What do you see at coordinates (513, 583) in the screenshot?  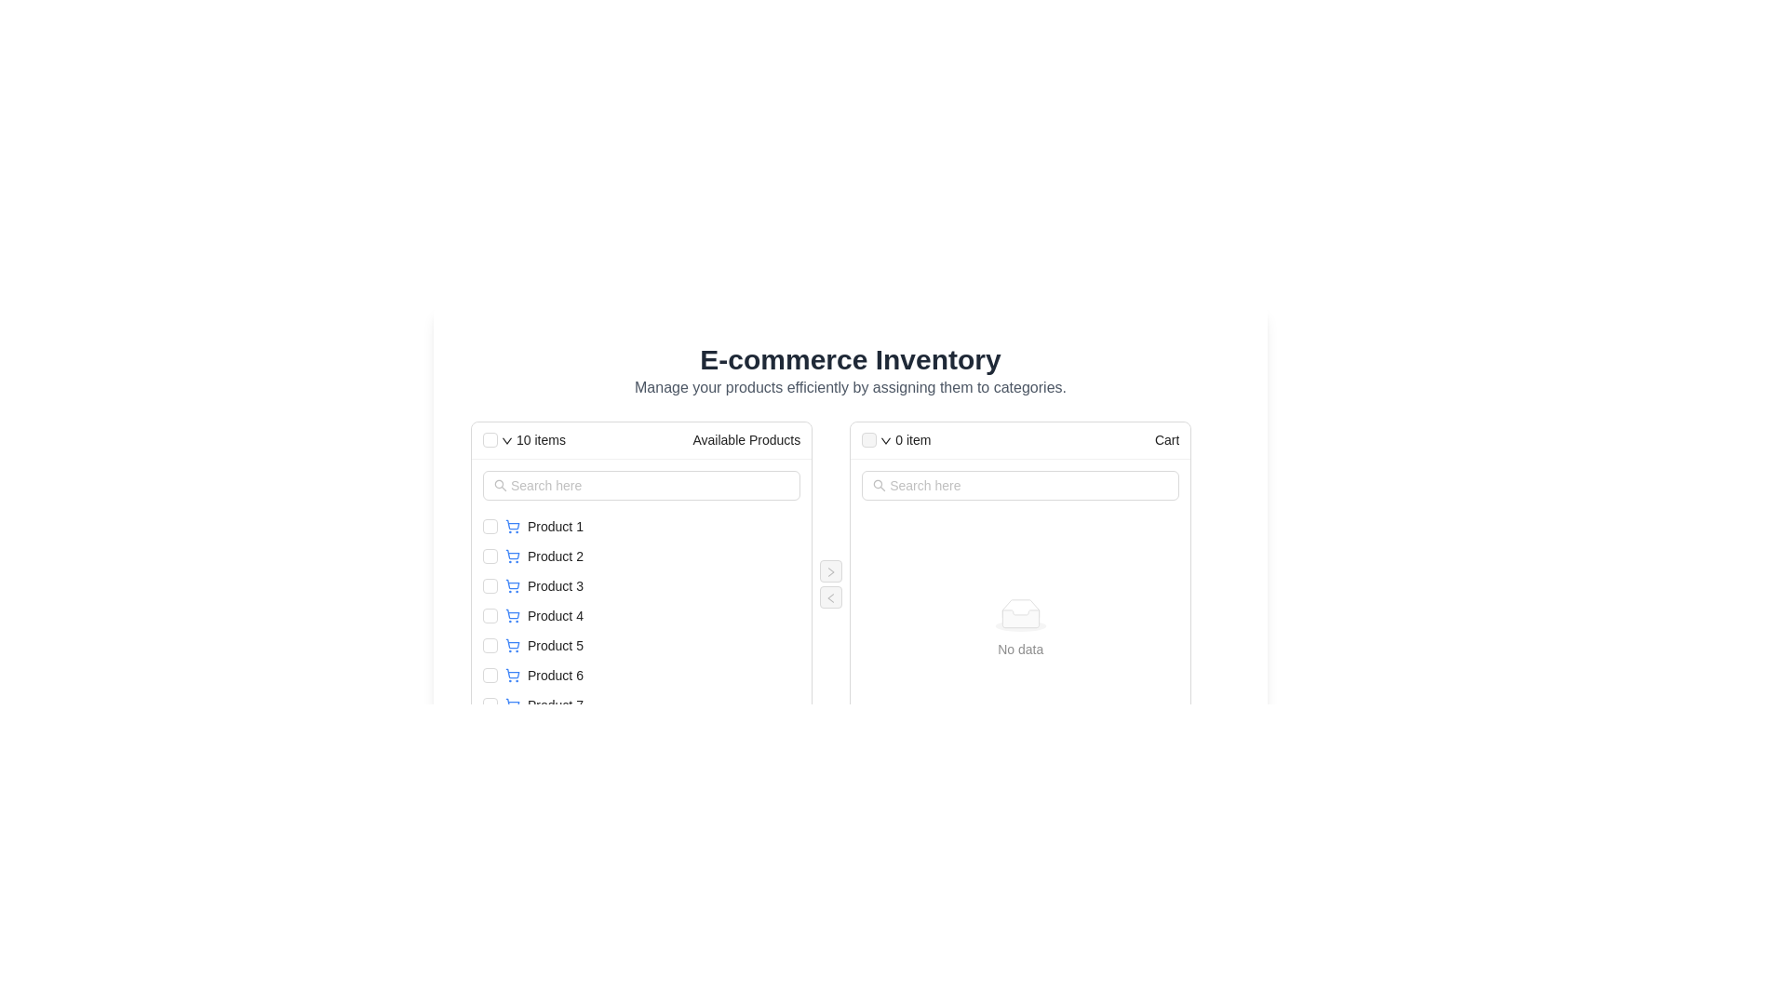 I see `the blue shopping cart icon within the SVG graphic, which is a central component of the cart's body and positioned between the wheels` at bounding box center [513, 583].